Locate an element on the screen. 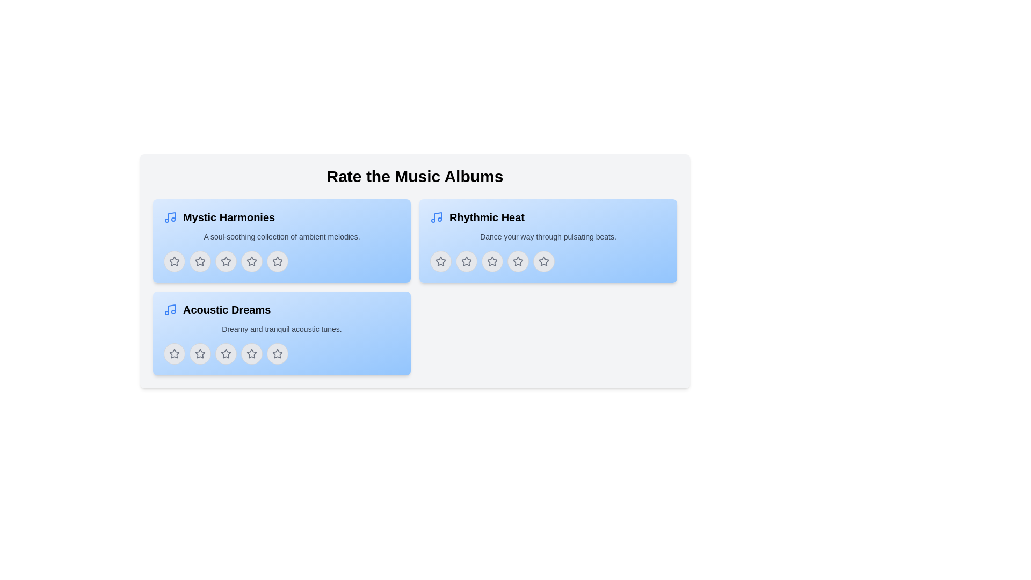  the third star is located at coordinates (226, 353).